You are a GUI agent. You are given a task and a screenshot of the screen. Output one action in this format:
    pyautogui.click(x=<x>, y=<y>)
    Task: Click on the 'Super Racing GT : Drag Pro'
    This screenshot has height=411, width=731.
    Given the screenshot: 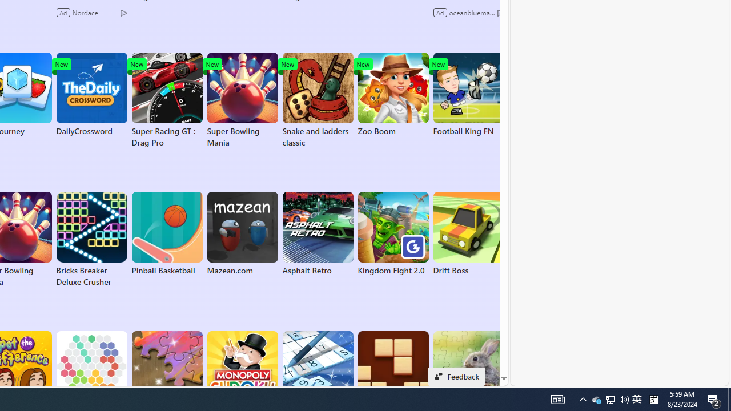 What is the action you would take?
    pyautogui.click(x=166, y=100)
    